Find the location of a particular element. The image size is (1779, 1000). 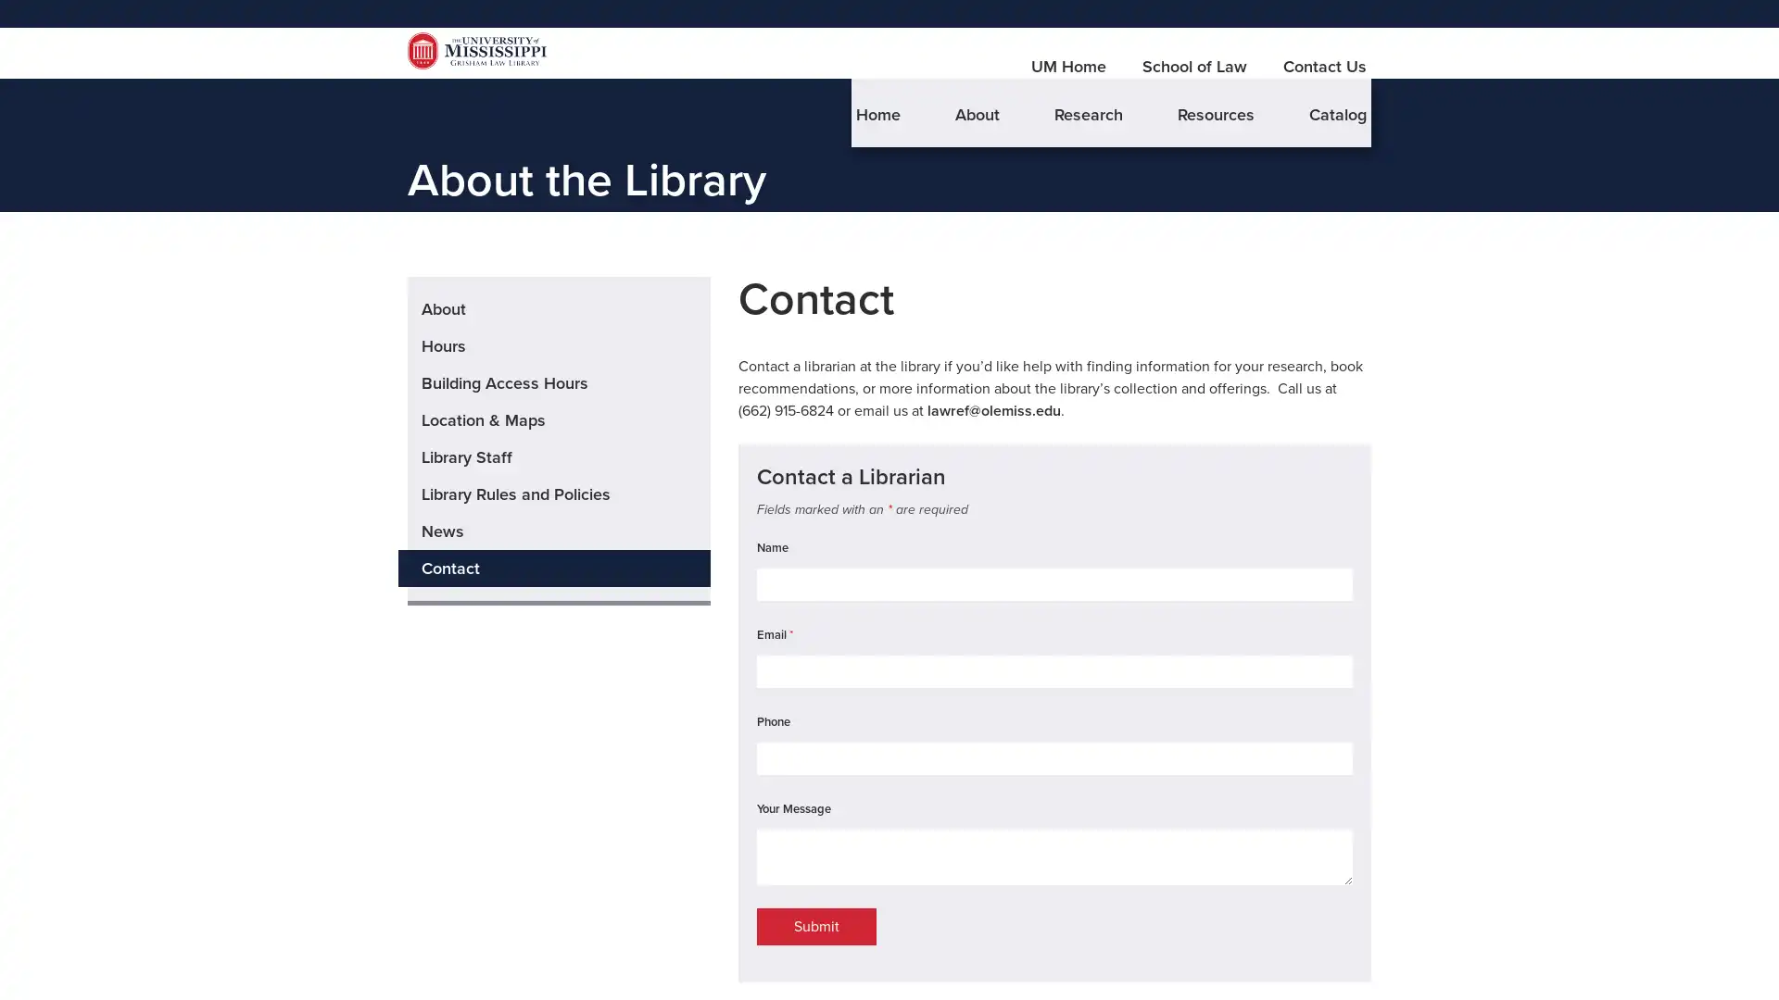

Submit is located at coordinates (815, 959).